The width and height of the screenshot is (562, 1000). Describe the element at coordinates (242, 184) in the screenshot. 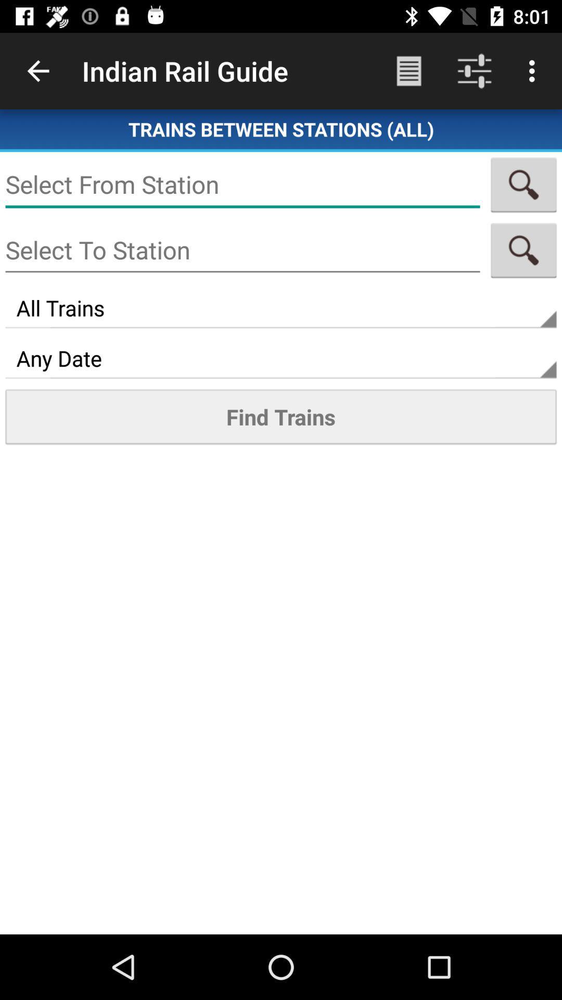

I see `search any one` at that location.